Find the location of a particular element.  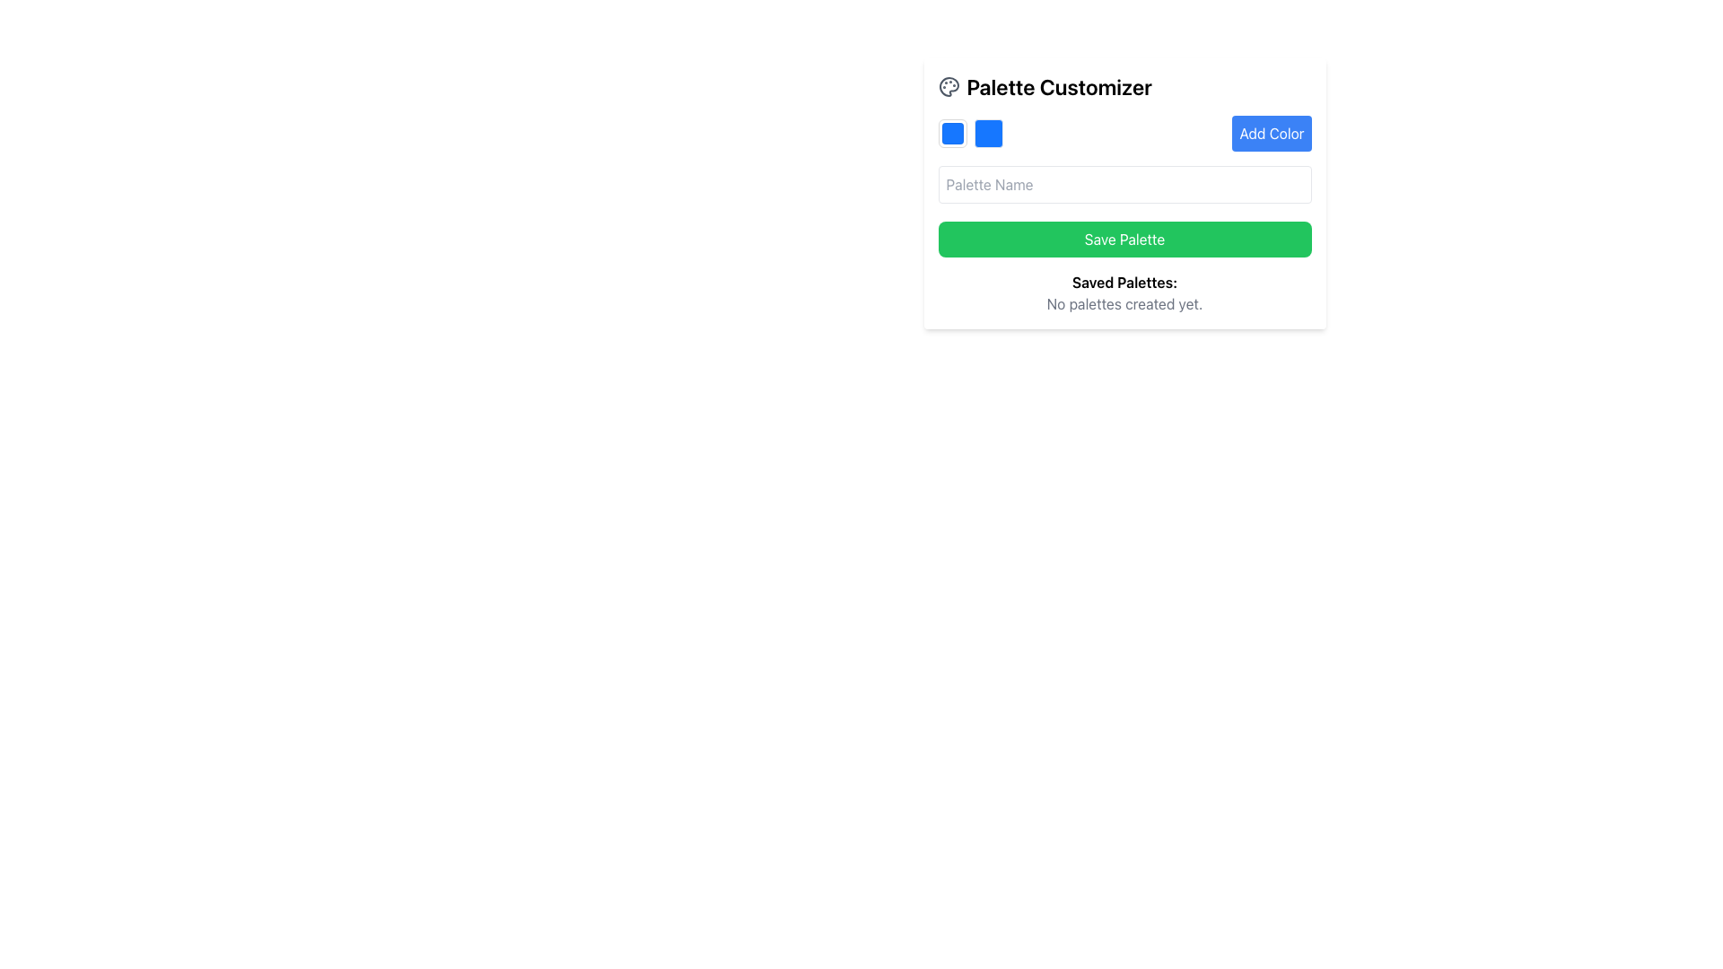

the palette customization icon located near the top-left corner of the 'Palette Customizer' panel, which visually represents the section's purpose is located at coordinates (948, 86).